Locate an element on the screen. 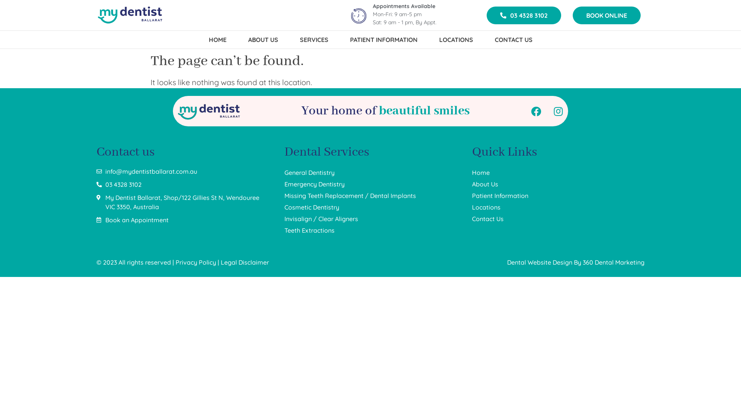  'BOOK ONLINE' is located at coordinates (606, 15).